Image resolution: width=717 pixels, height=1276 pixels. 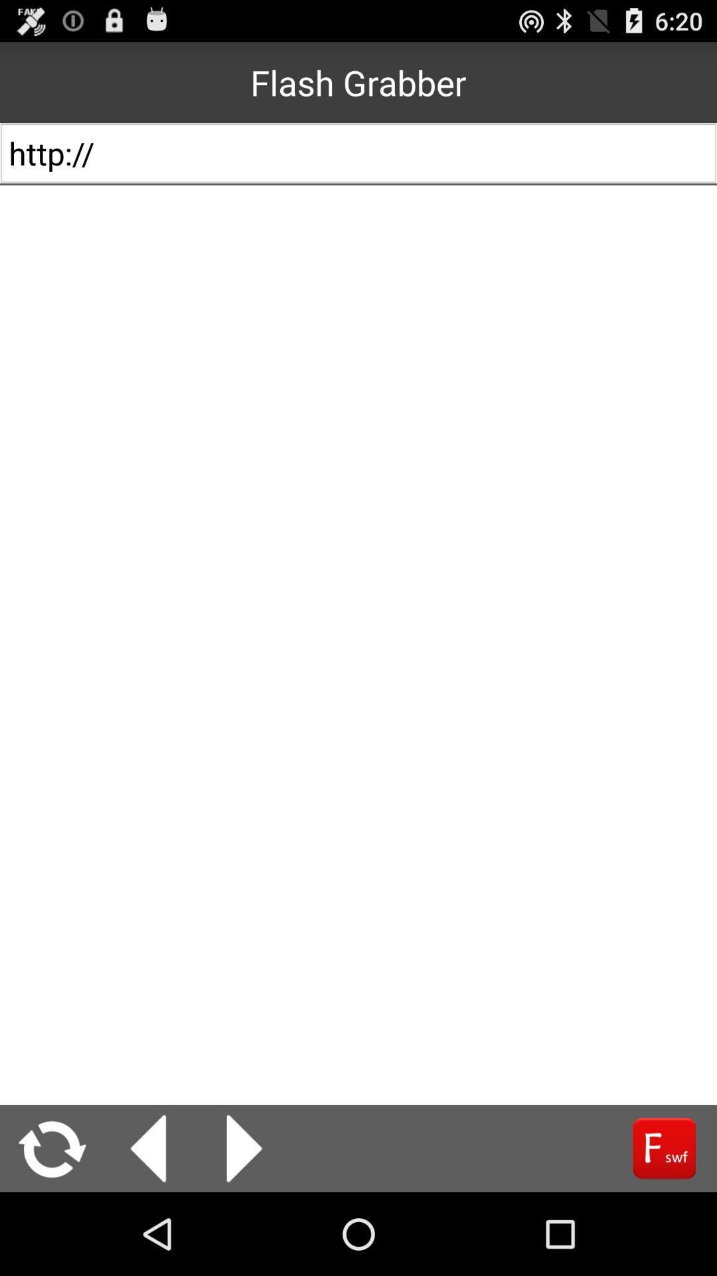 I want to click on go next, so click(x=244, y=1148).